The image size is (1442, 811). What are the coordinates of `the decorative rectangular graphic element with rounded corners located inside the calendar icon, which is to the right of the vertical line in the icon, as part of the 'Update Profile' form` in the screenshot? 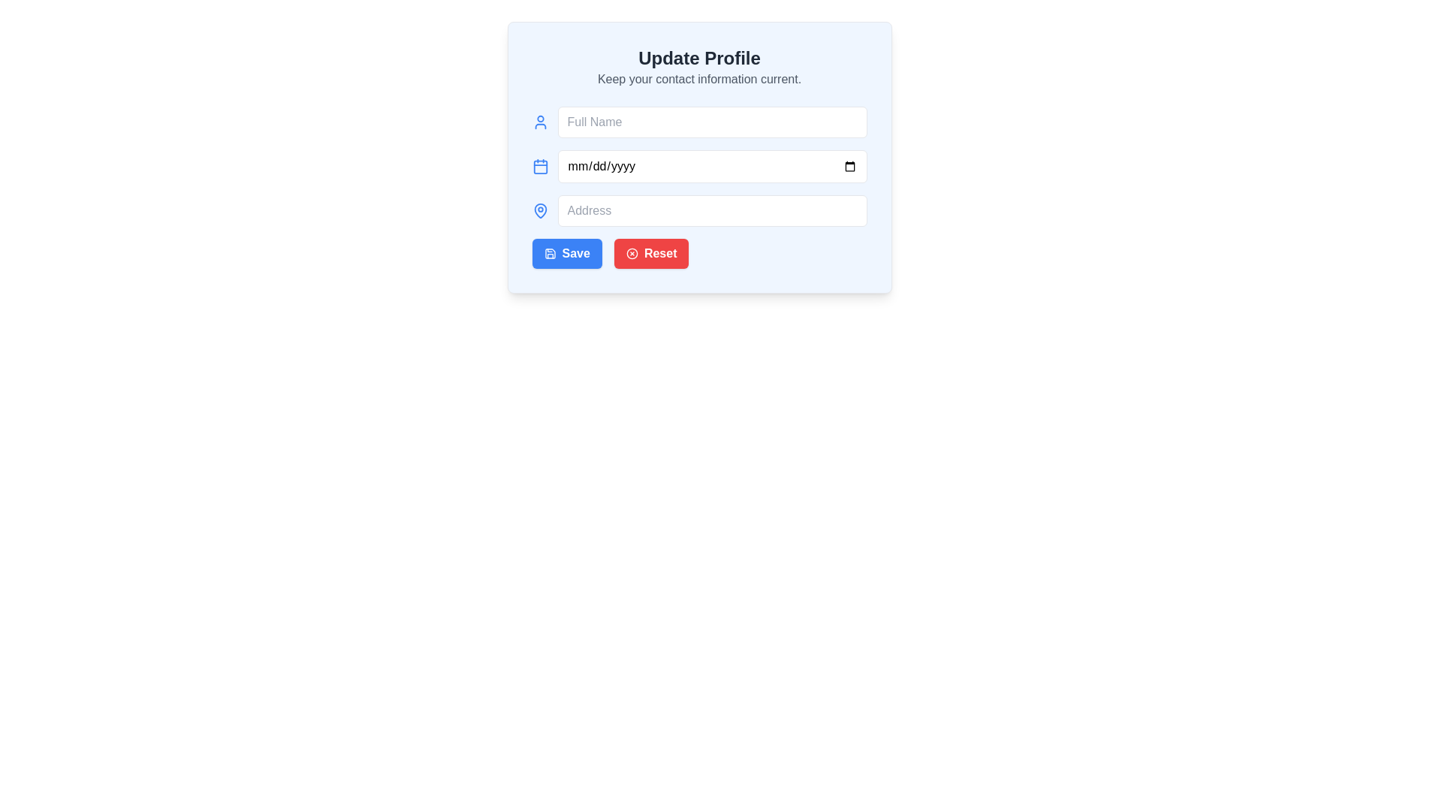 It's located at (540, 167).